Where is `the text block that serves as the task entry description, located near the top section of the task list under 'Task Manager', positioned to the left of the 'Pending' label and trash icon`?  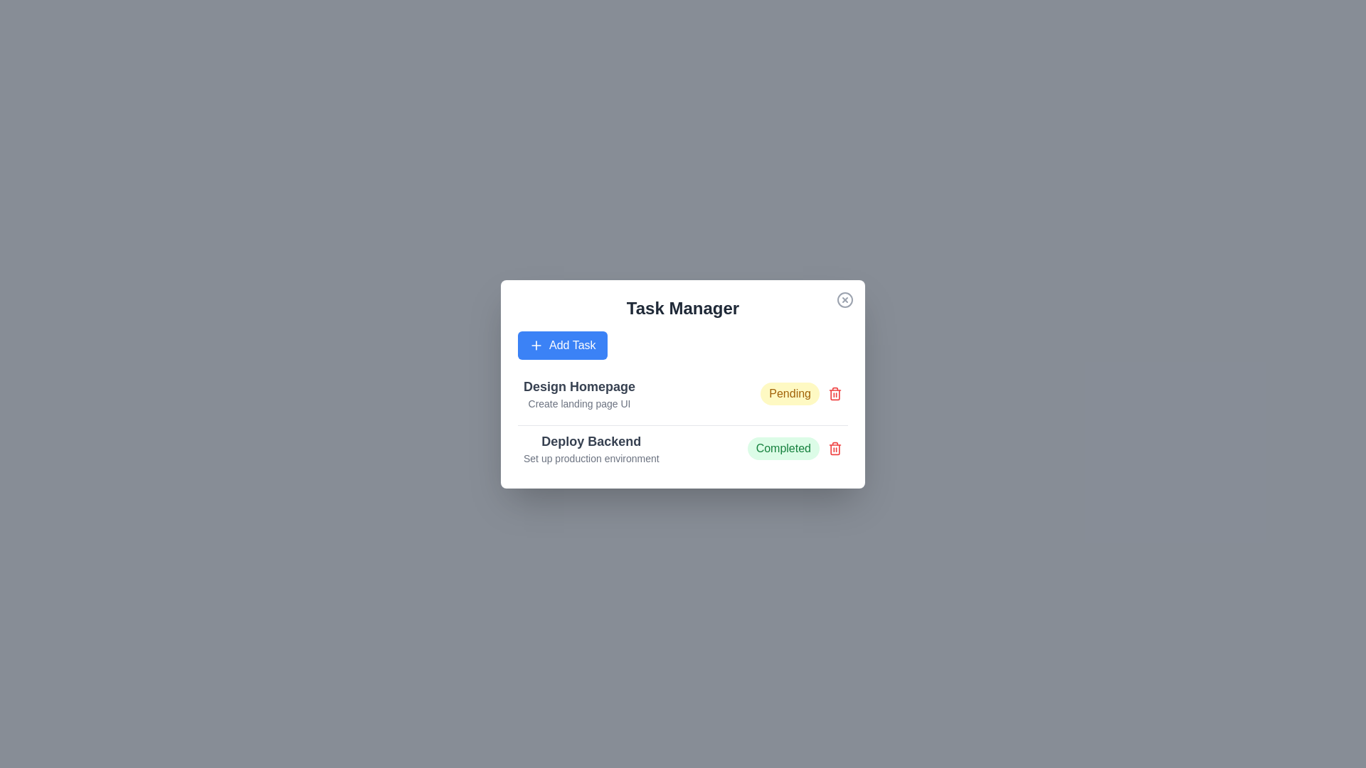
the text block that serves as the task entry description, located near the top section of the task list under 'Task Manager', positioned to the left of the 'Pending' label and trash icon is located at coordinates (579, 393).